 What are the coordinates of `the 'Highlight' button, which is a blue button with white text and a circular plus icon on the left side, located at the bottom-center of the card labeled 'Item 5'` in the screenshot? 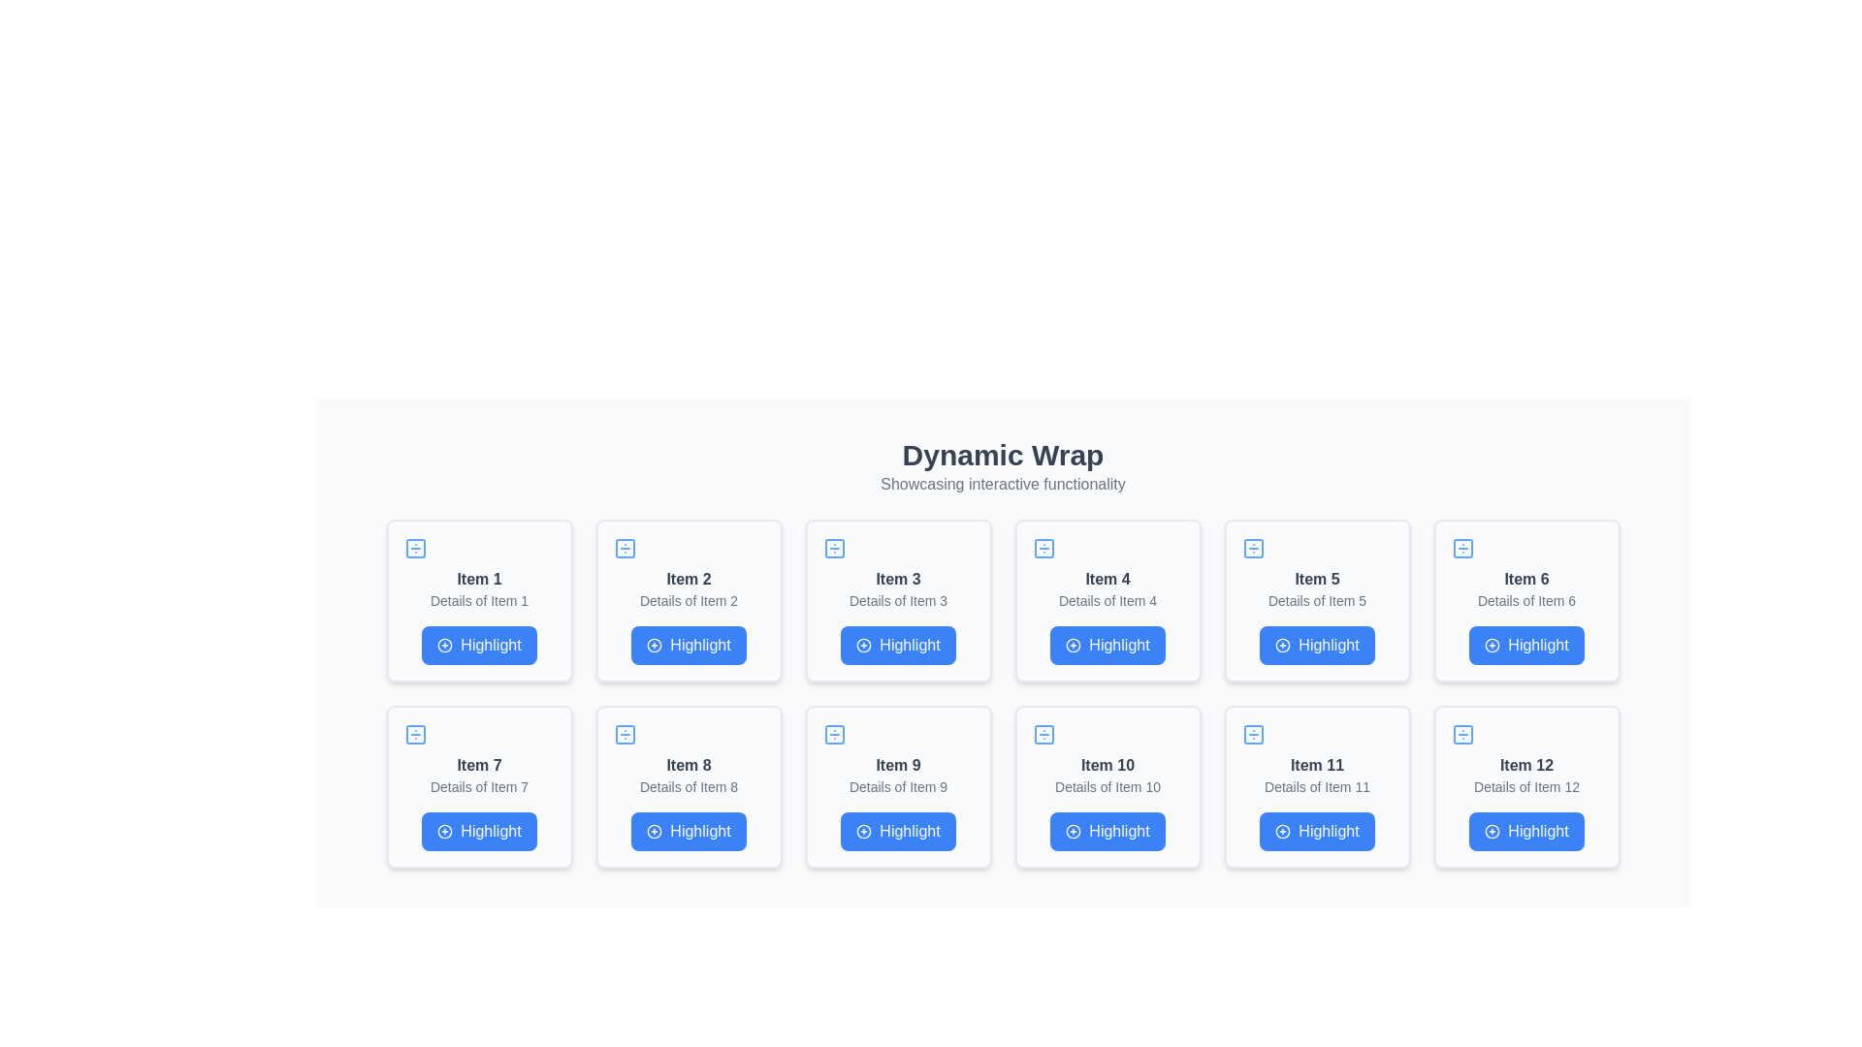 It's located at (1317, 646).